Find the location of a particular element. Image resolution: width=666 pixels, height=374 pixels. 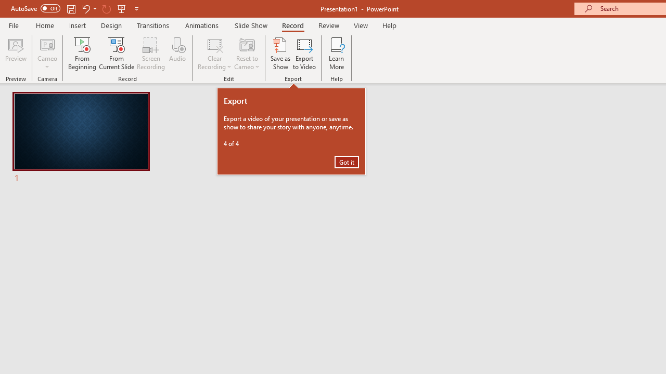

'Undo' is located at coordinates (88, 8).